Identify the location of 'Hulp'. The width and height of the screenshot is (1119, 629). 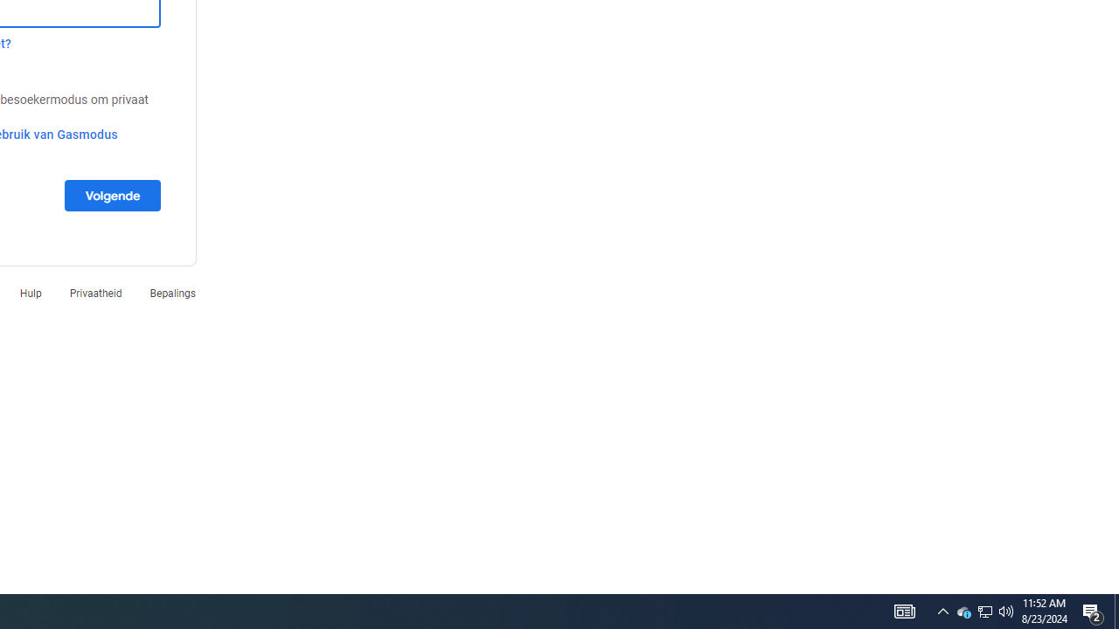
(31, 292).